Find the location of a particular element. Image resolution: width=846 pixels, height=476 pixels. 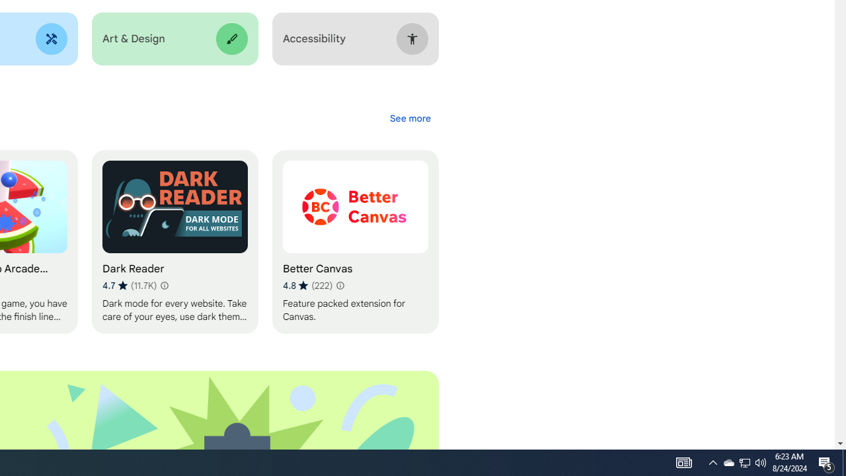

'Art & Design' is located at coordinates (174, 38).